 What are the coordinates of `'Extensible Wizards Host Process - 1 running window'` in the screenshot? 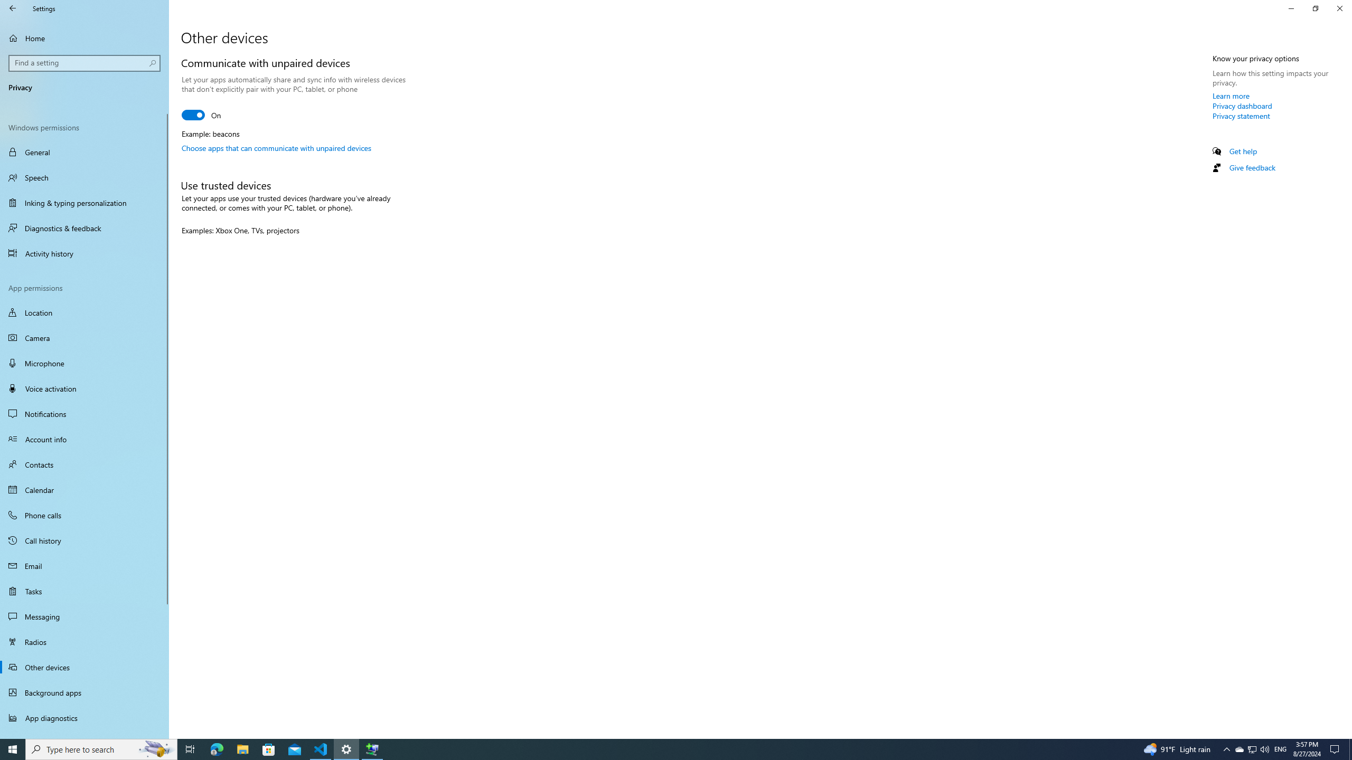 It's located at (372, 748).